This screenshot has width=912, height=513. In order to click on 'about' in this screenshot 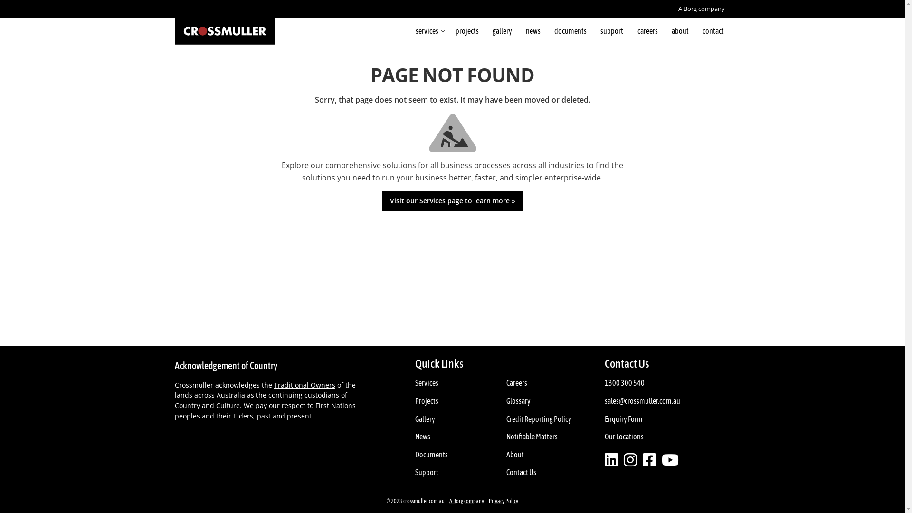, I will do `click(679, 30)`.